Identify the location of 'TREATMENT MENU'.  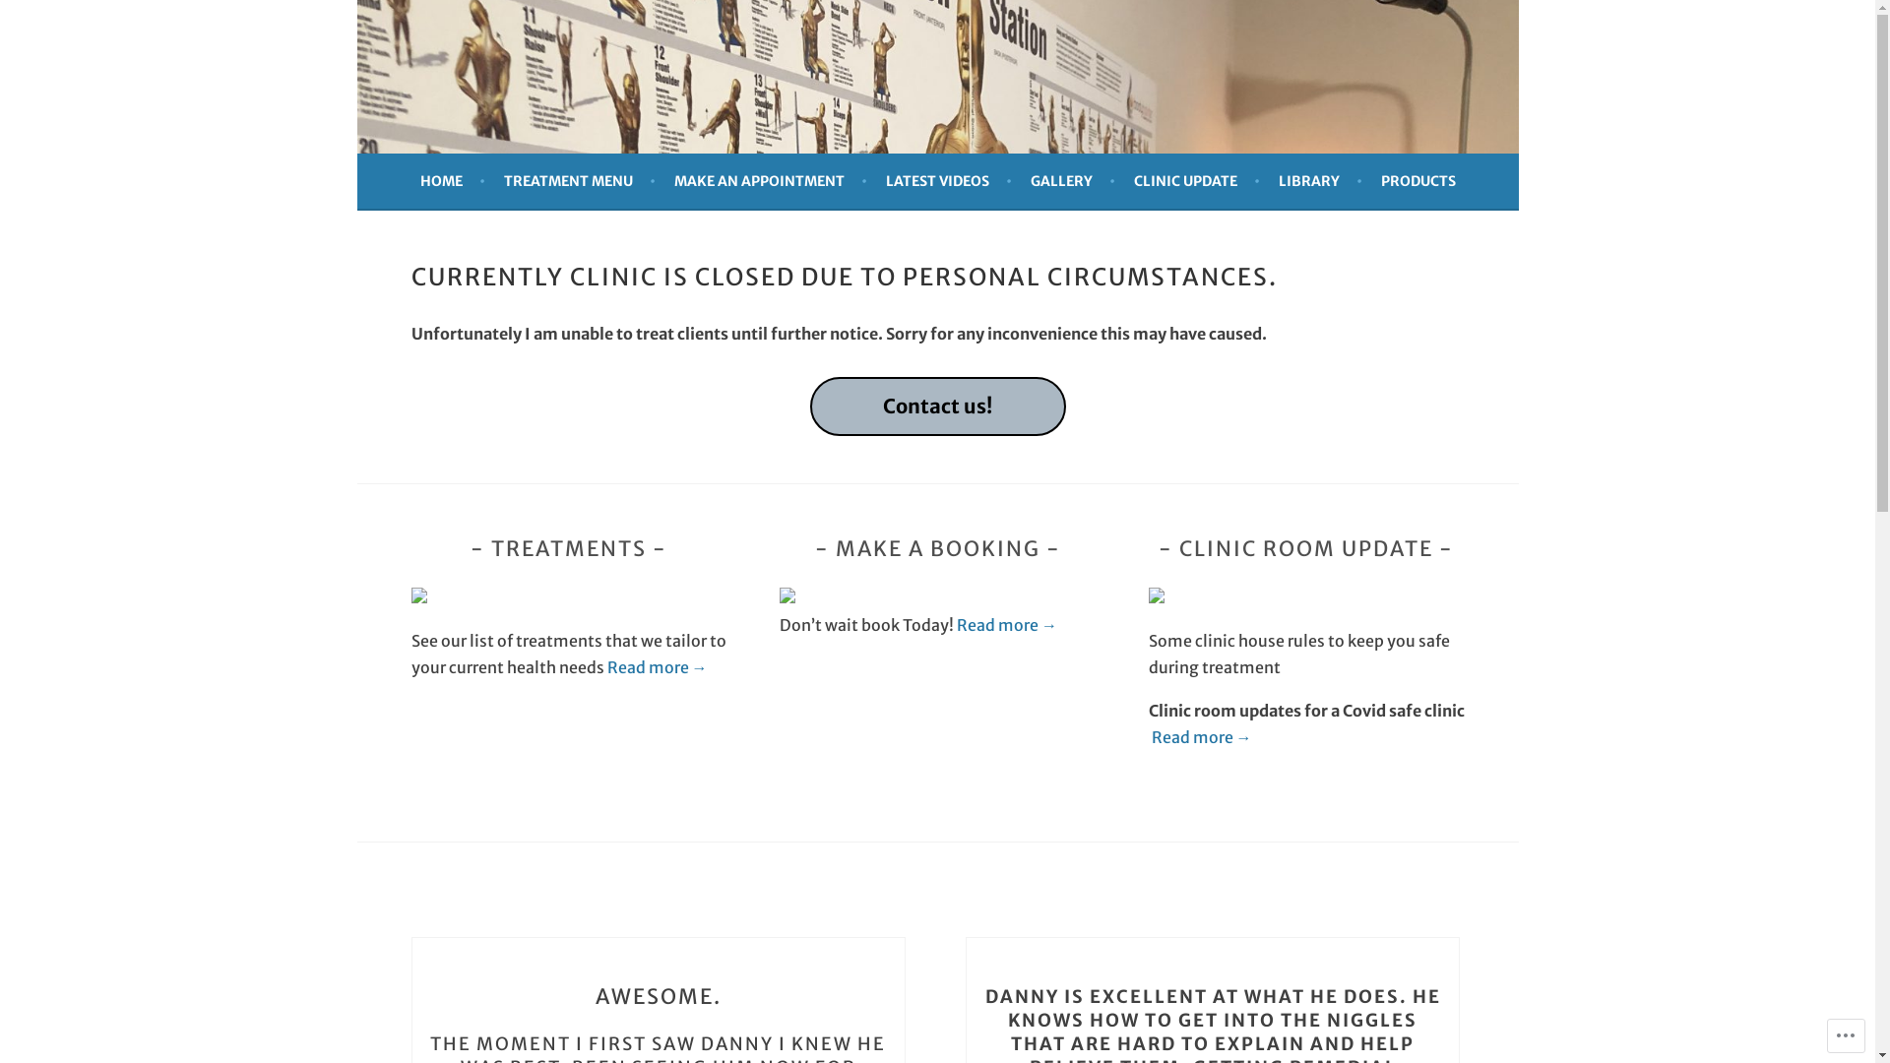
(579, 181).